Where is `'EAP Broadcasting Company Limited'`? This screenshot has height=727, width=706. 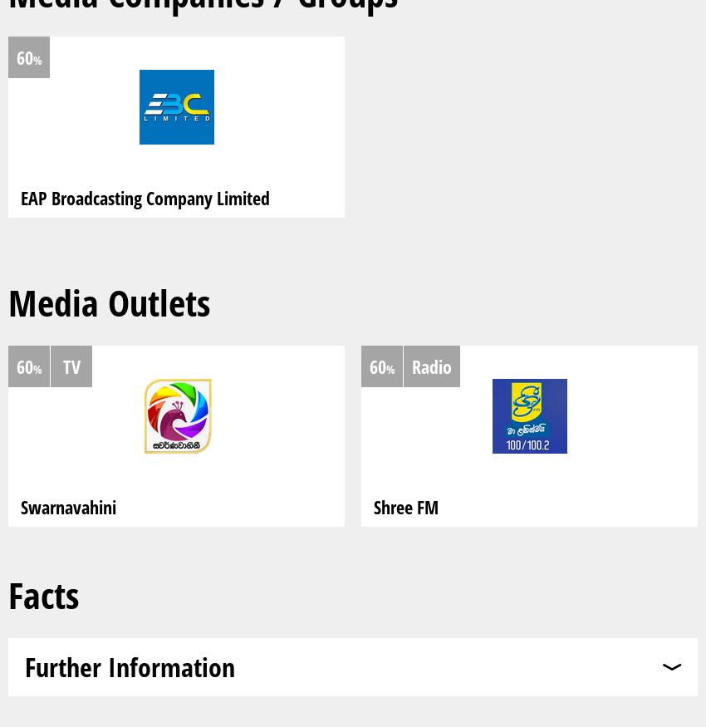 'EAP Broadcasting Company Limited' is located at coordinates (145, 198).